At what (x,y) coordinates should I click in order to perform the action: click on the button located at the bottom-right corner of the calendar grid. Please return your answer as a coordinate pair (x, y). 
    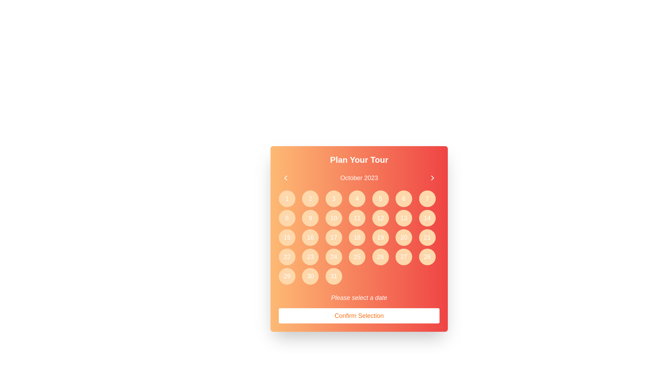
    Looking at the image, I should click on (404, 257).